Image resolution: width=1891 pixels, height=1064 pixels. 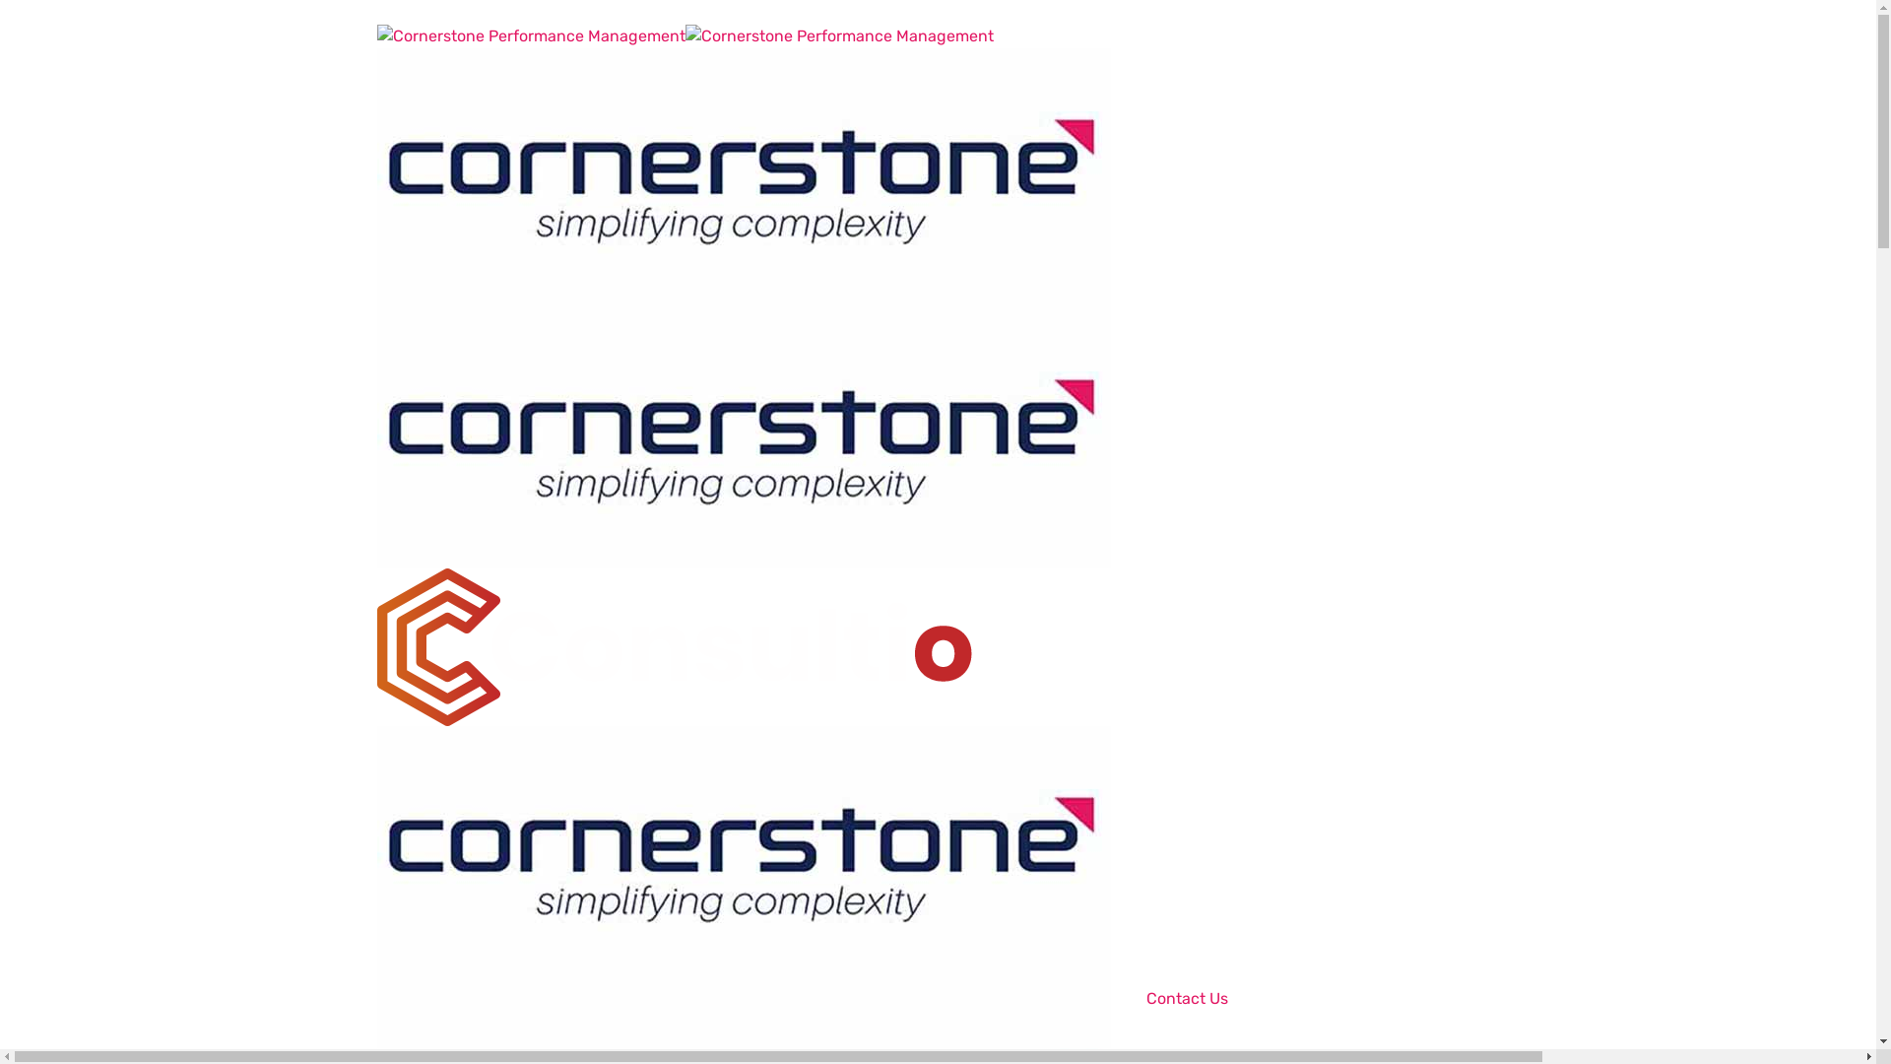 I want to click on 'Cornerstone Performance Management', so click(x=675, y=645).